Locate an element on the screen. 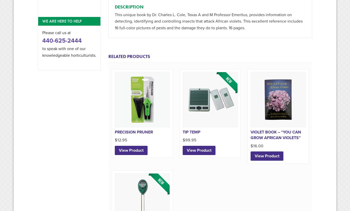 This screenshot has height=211, width=350. 'We are here to help' is located at coordinates (62, 21).